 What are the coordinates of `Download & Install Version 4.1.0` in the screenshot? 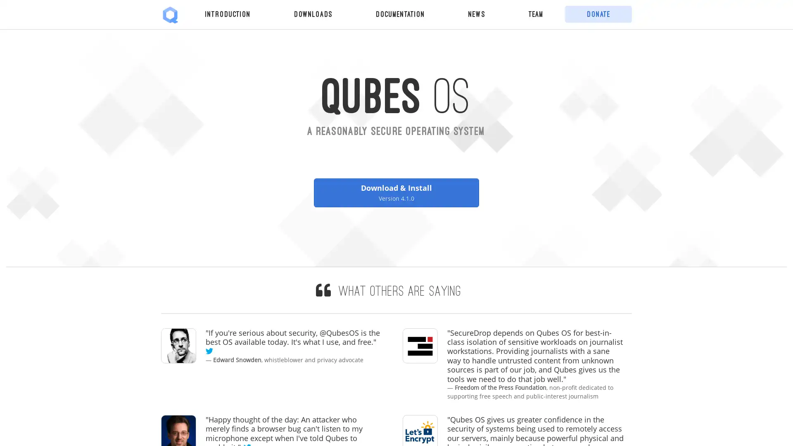 It's located at (396, 192).